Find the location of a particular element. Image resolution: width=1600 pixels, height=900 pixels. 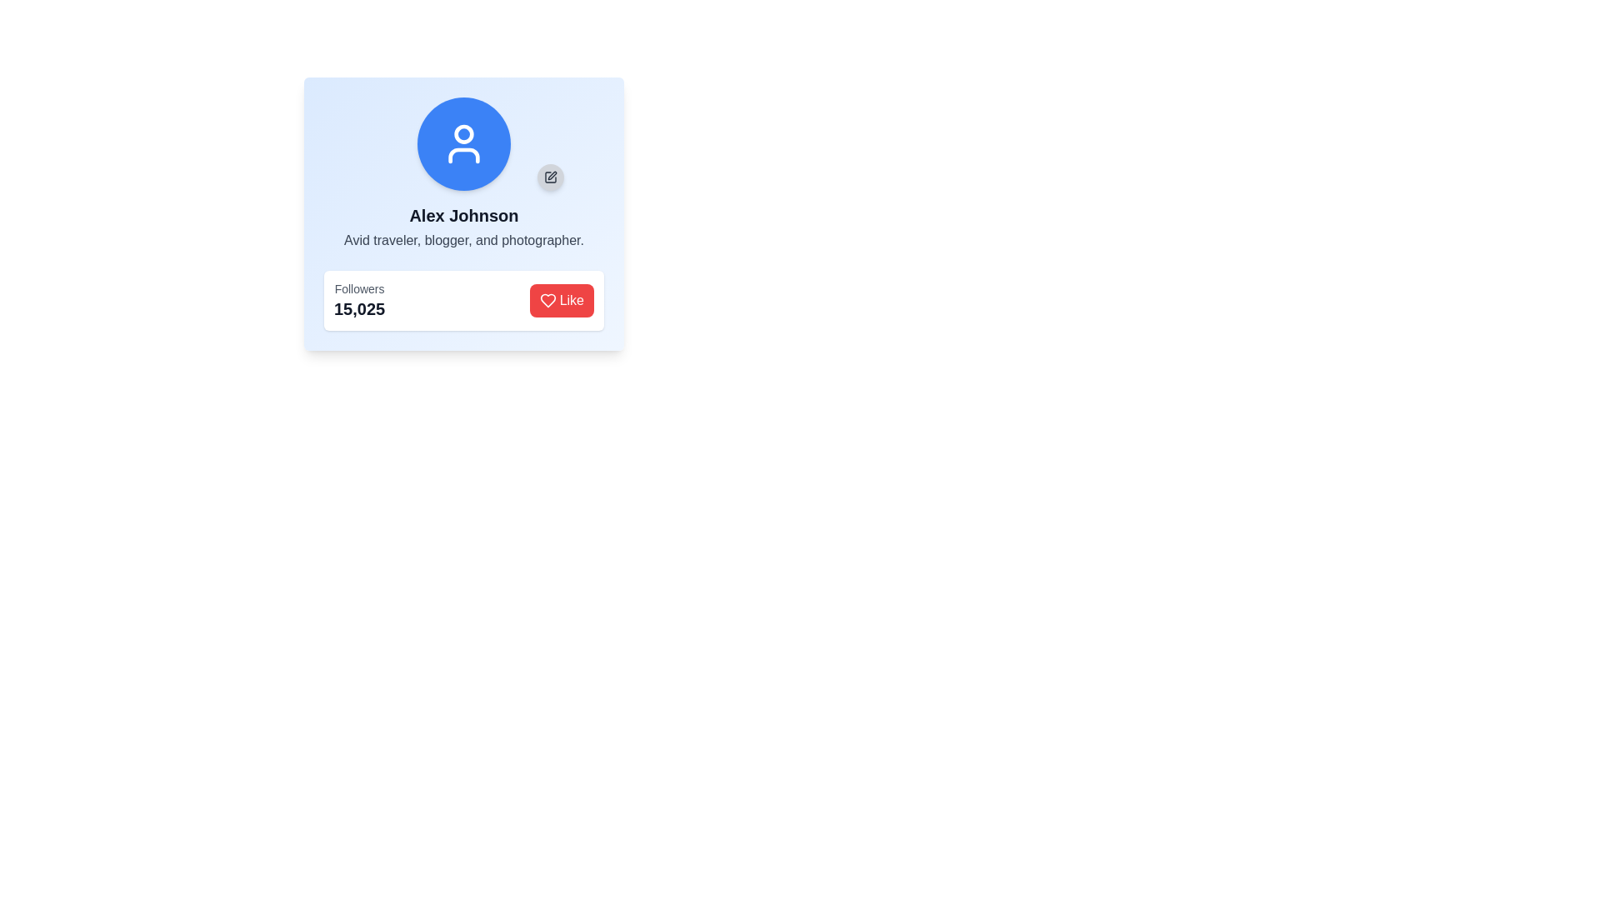

the edit icon button, represented by a pen tip icon, located in the upper-right corner of the user card component to initiate the edit action is located at coordinates (551, 177).